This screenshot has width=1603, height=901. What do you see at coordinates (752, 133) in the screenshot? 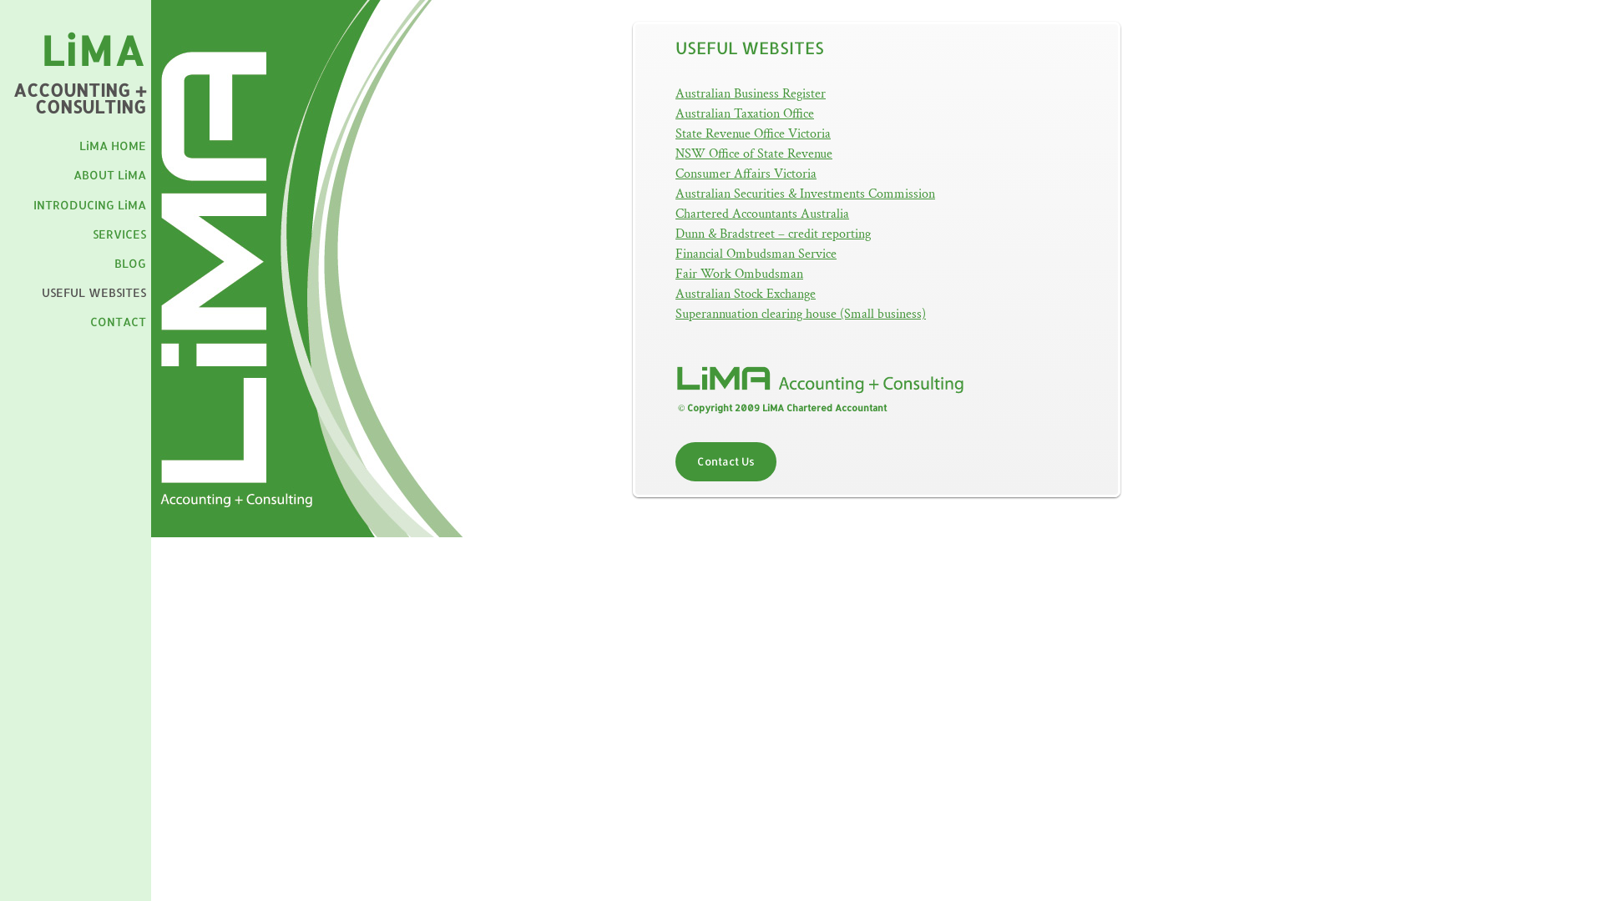
I see `'State Revenue Office Victoria'` at bounding box center [752, 133].